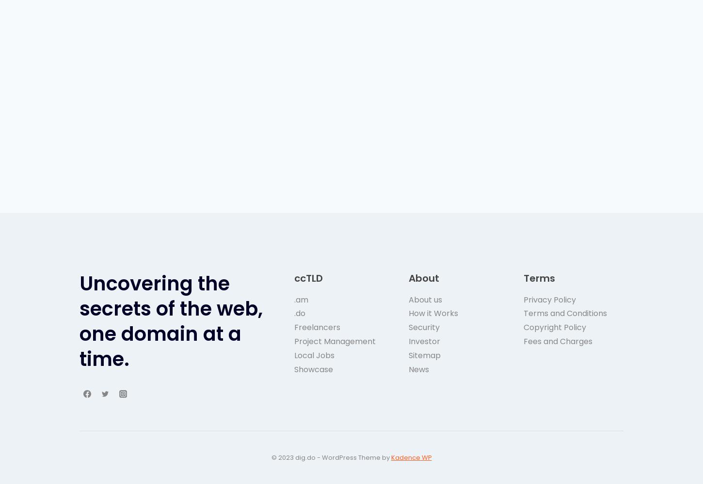 The width and height of the screenshot is (703, 484). What do you see at coordinates (312, 369) in the screenshot?
I see `'Showcase'` at bounding box center [312, 369].